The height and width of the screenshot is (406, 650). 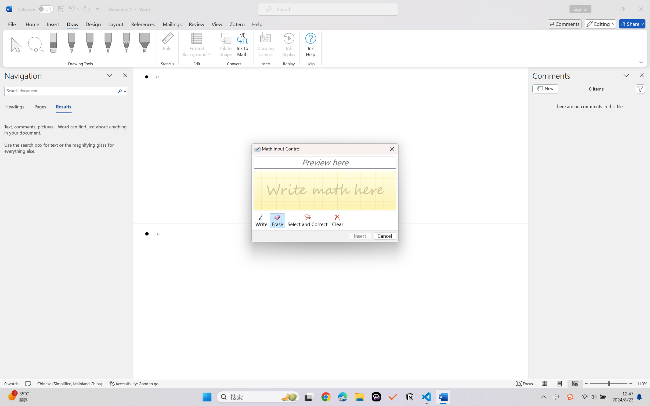 I want to click on 'Select and Correct', so click(x=308, y=220).